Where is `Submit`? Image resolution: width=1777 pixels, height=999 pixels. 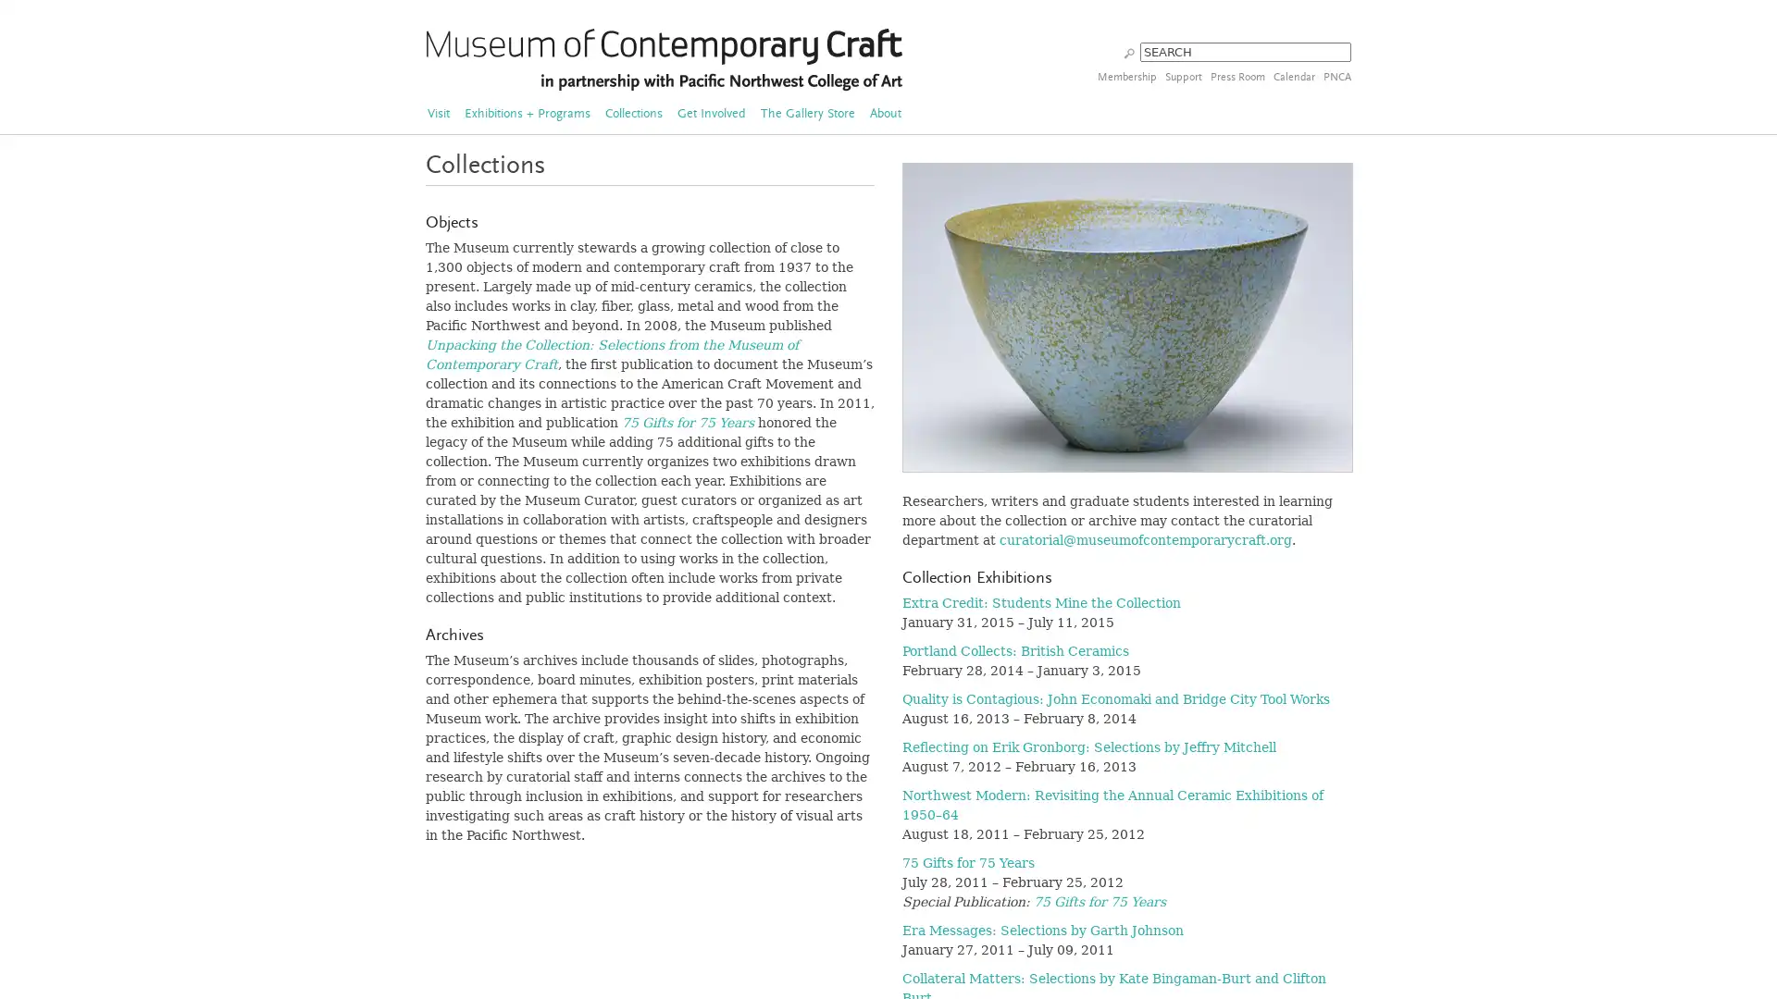
Submit is located at coordinates (1128, 51).